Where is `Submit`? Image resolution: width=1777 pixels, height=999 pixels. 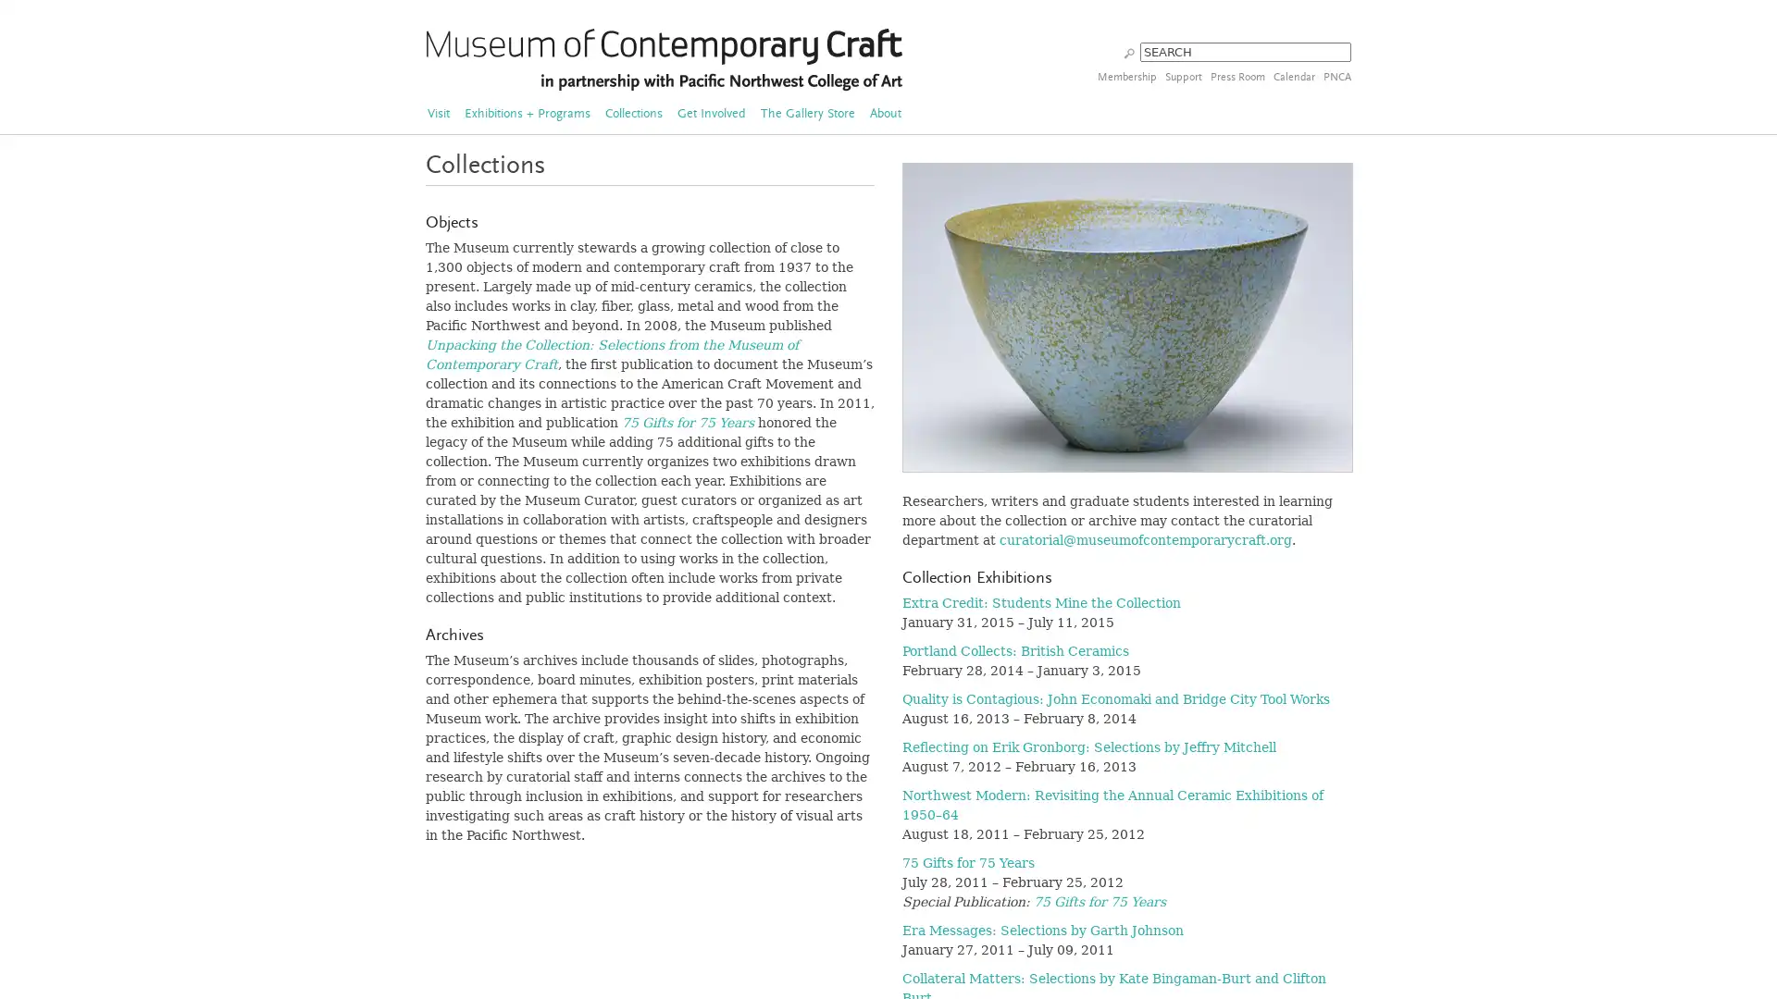
Submit is located at coordinates (1128, 51).